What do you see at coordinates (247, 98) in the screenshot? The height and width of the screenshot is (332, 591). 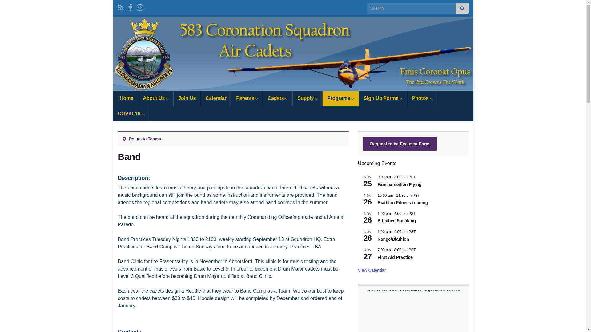 I see `'Parents'` at bounding box center [247, 98].